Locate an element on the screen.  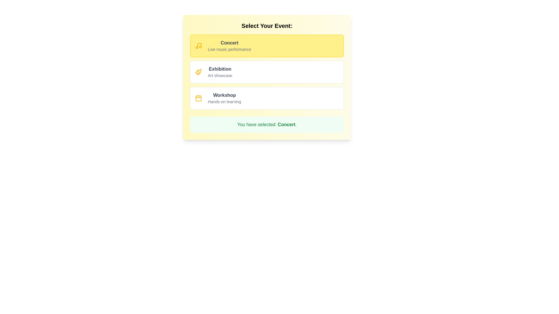
the yellow calendar icon located to the left of the 'Workshop' text, which is positioned at the start of the third entry in the event selection list is located at coordinates (200, 98).